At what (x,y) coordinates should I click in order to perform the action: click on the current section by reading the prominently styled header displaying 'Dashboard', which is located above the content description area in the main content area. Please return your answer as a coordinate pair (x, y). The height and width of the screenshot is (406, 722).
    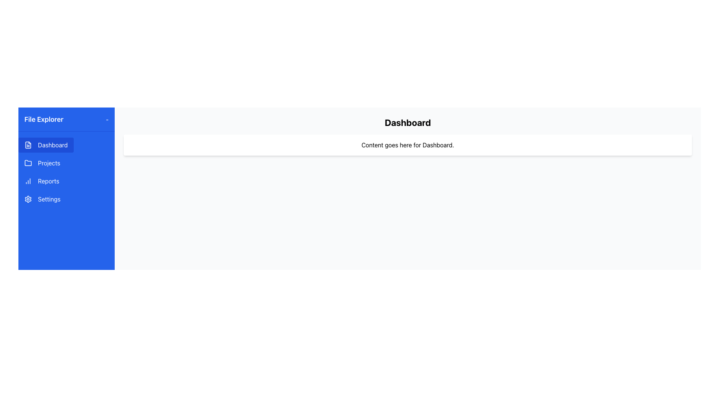
    Looking at the image, I should click on (407, 122).